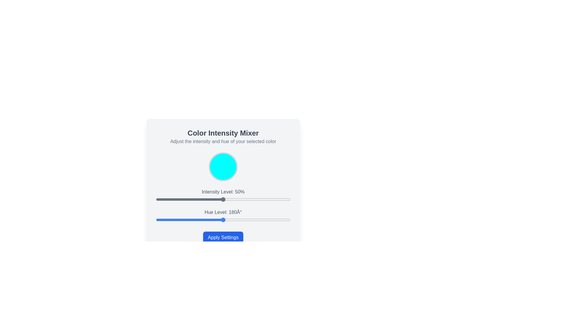  What do you see at coordinates (187, 220) in the screenshot?
I see `the hue level slider to 83°` at bounding box center [187, 220].